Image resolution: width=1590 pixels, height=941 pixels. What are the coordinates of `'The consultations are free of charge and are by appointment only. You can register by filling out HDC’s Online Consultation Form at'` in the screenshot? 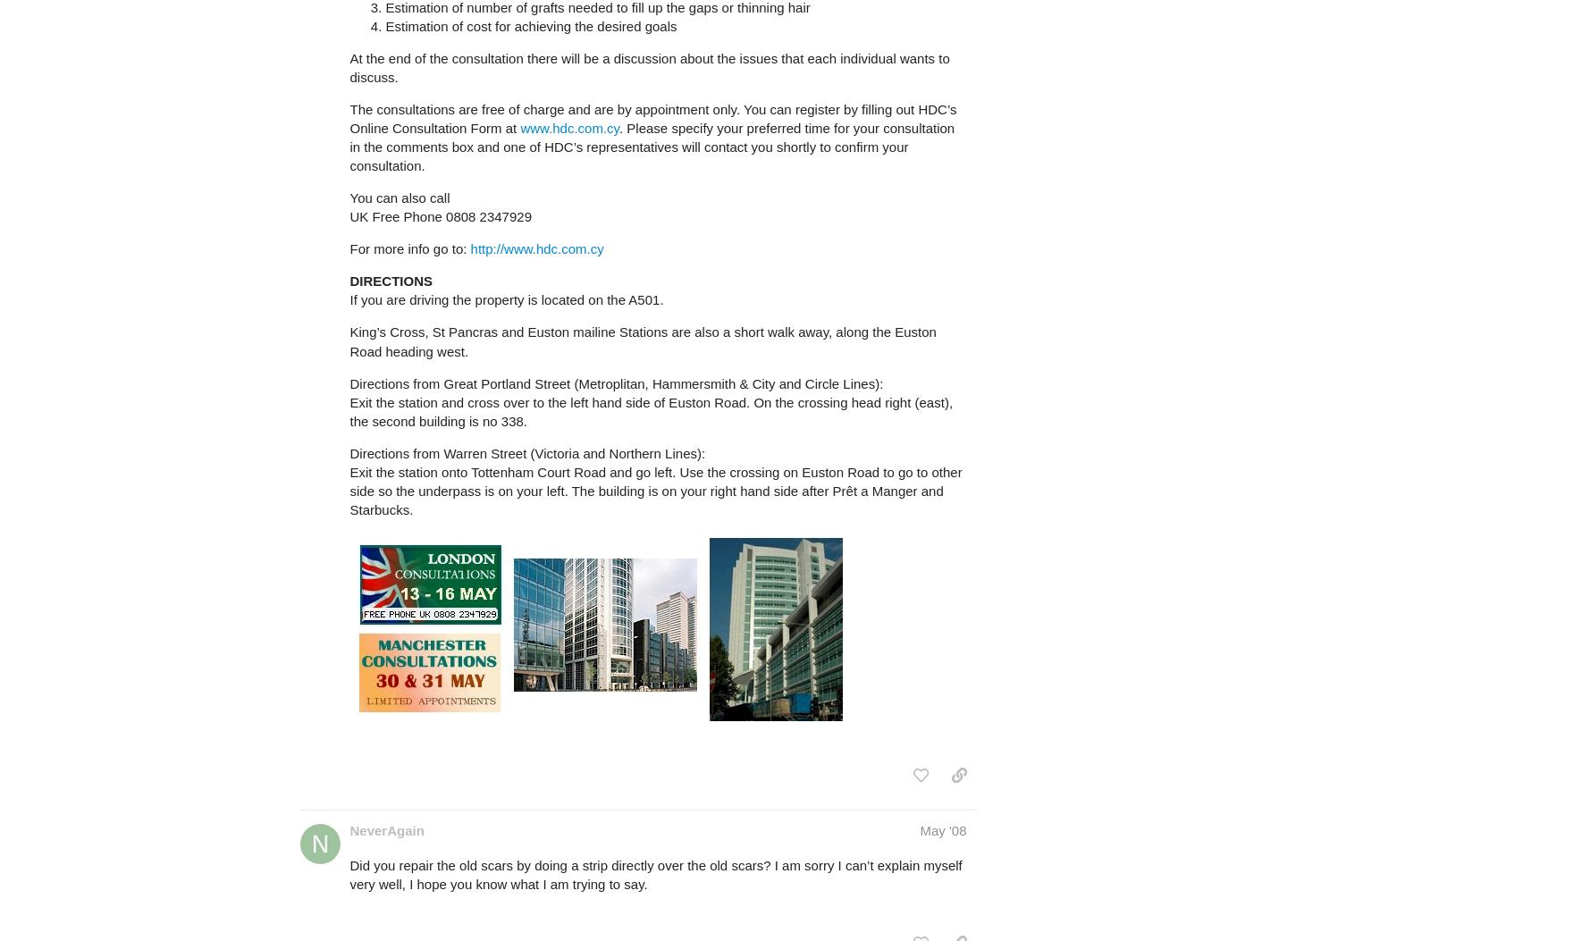 It's located at (652, 118).